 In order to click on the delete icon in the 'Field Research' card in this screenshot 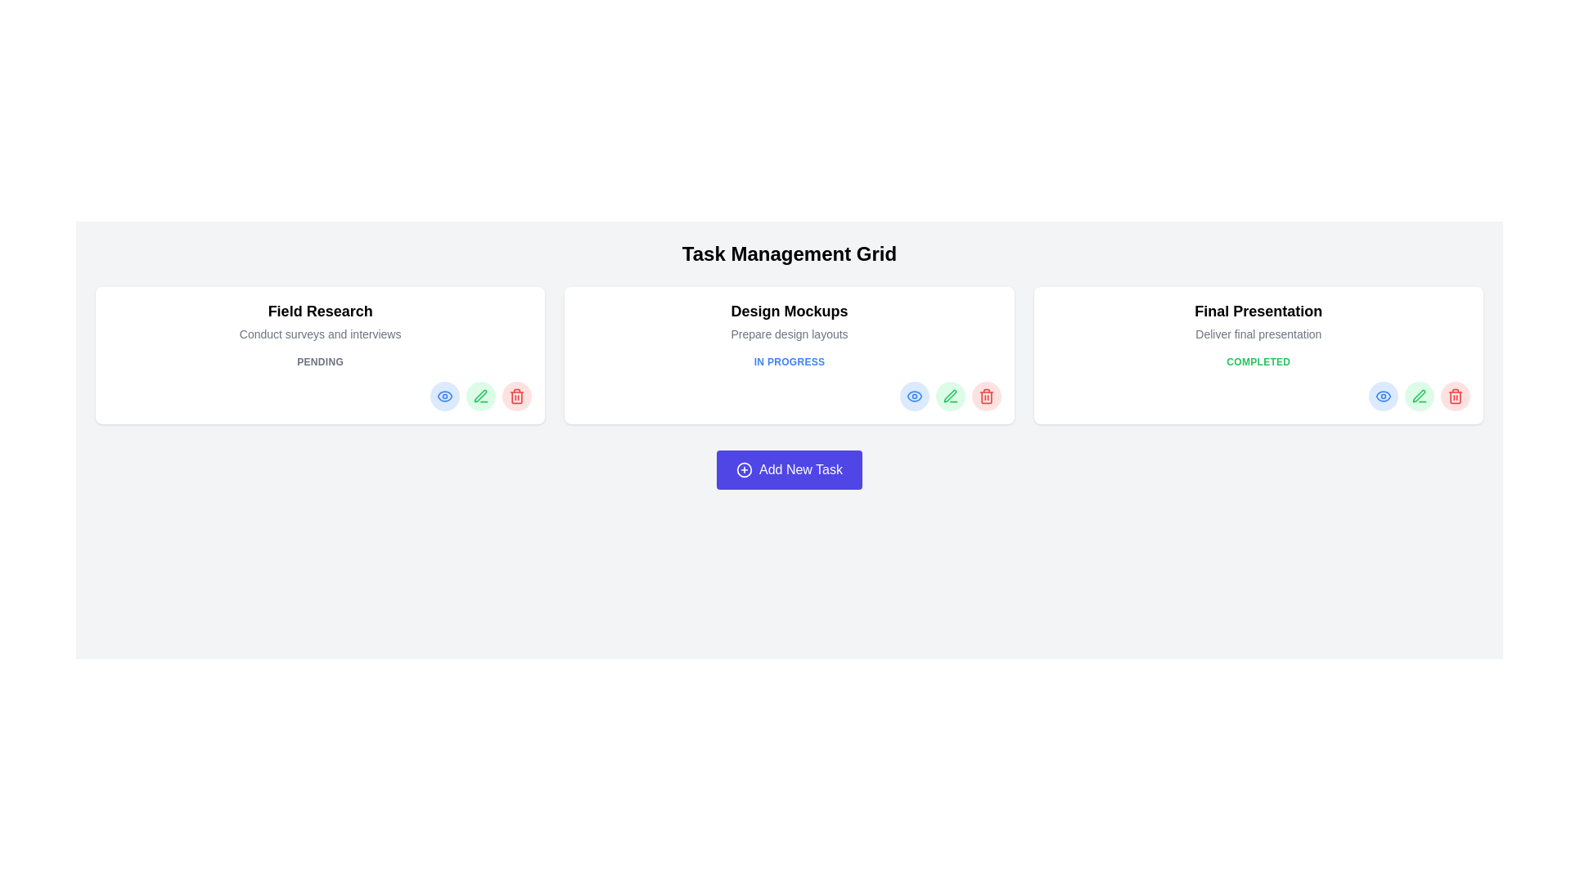, I will do `click(516, 397)`.